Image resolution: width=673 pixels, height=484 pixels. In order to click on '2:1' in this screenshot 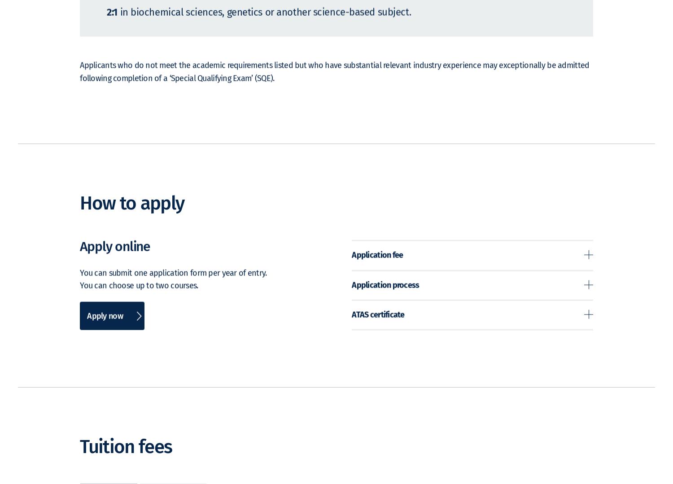, I will do `click(106, 38)`.